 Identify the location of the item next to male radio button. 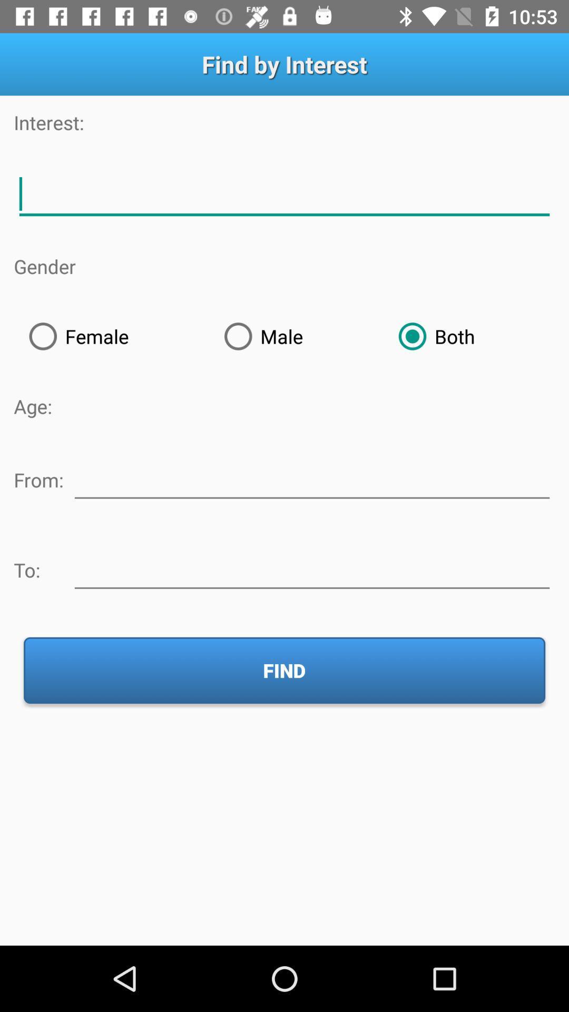
(468, 336).